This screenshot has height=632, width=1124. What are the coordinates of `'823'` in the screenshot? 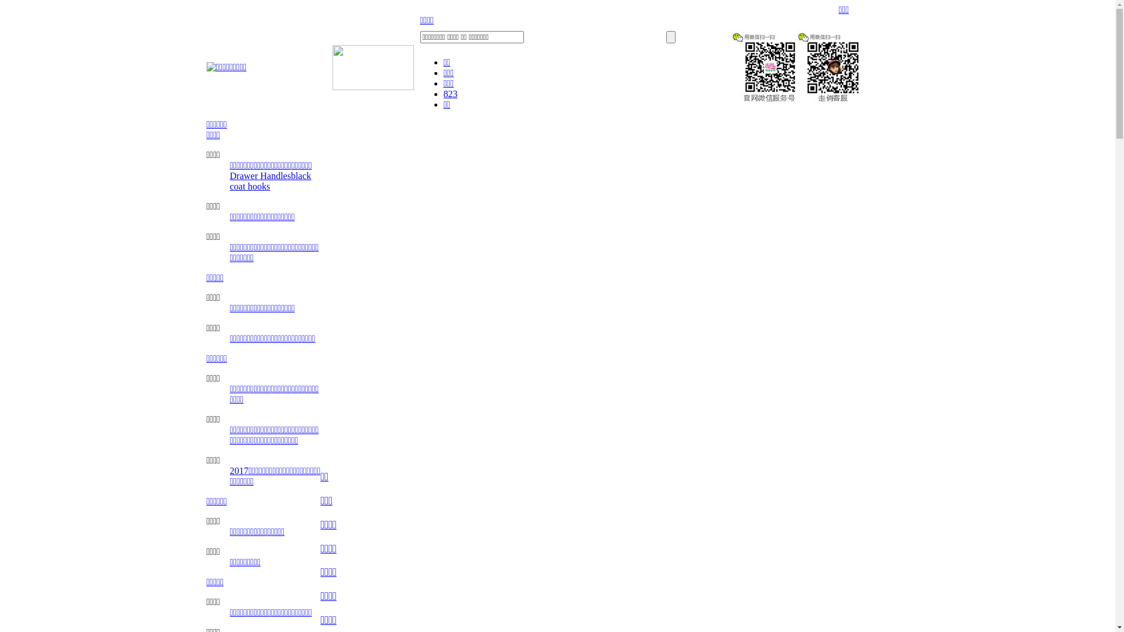 It's located at (450, 93).